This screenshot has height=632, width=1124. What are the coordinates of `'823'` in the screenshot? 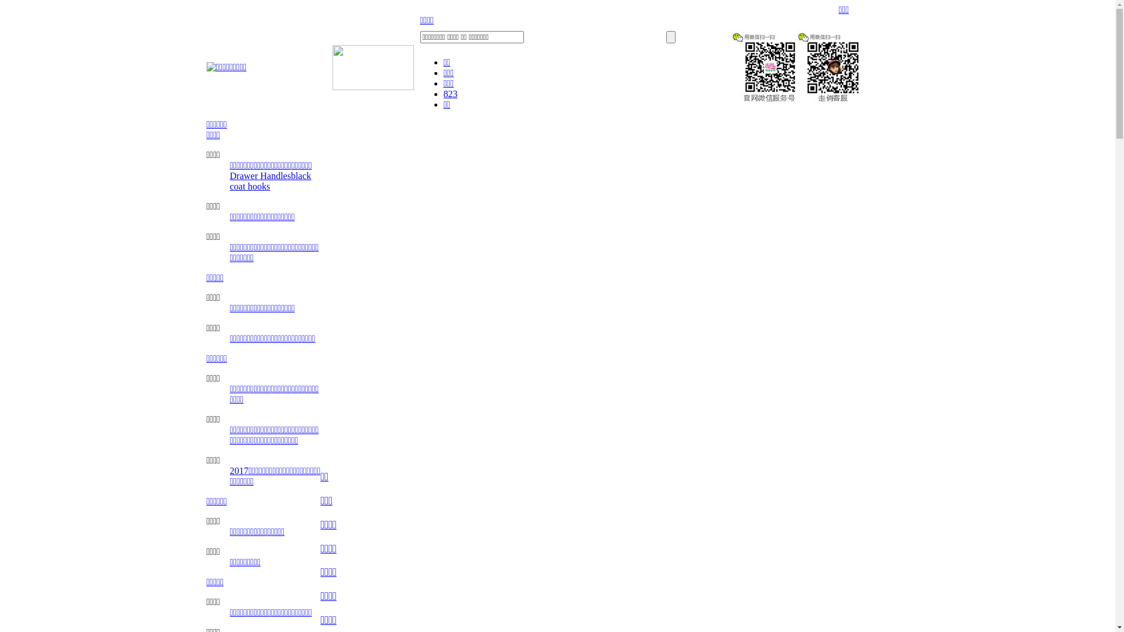 It's located at (450, 93).